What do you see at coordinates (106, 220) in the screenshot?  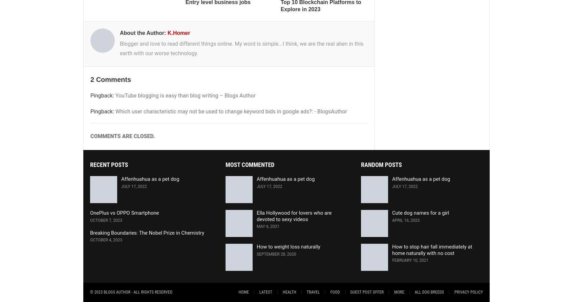 I see `'October 7, 2023'` at bounding box center [106, 220].